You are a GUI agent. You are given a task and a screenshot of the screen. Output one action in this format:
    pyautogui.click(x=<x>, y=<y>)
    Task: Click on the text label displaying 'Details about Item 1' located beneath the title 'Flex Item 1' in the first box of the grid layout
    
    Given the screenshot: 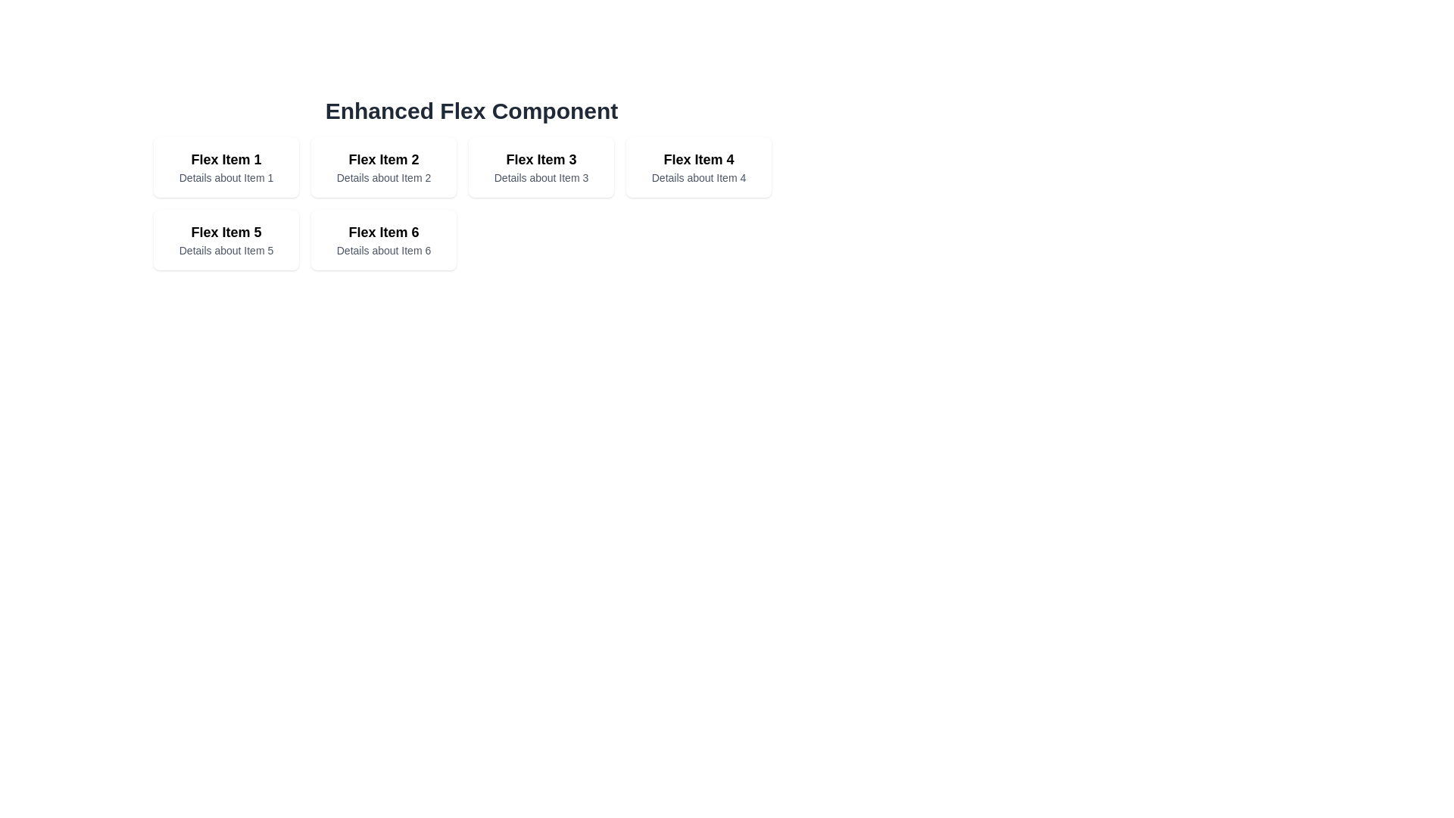 What is the action you would take?
    pyautogui.click(x=225, y=177)
    